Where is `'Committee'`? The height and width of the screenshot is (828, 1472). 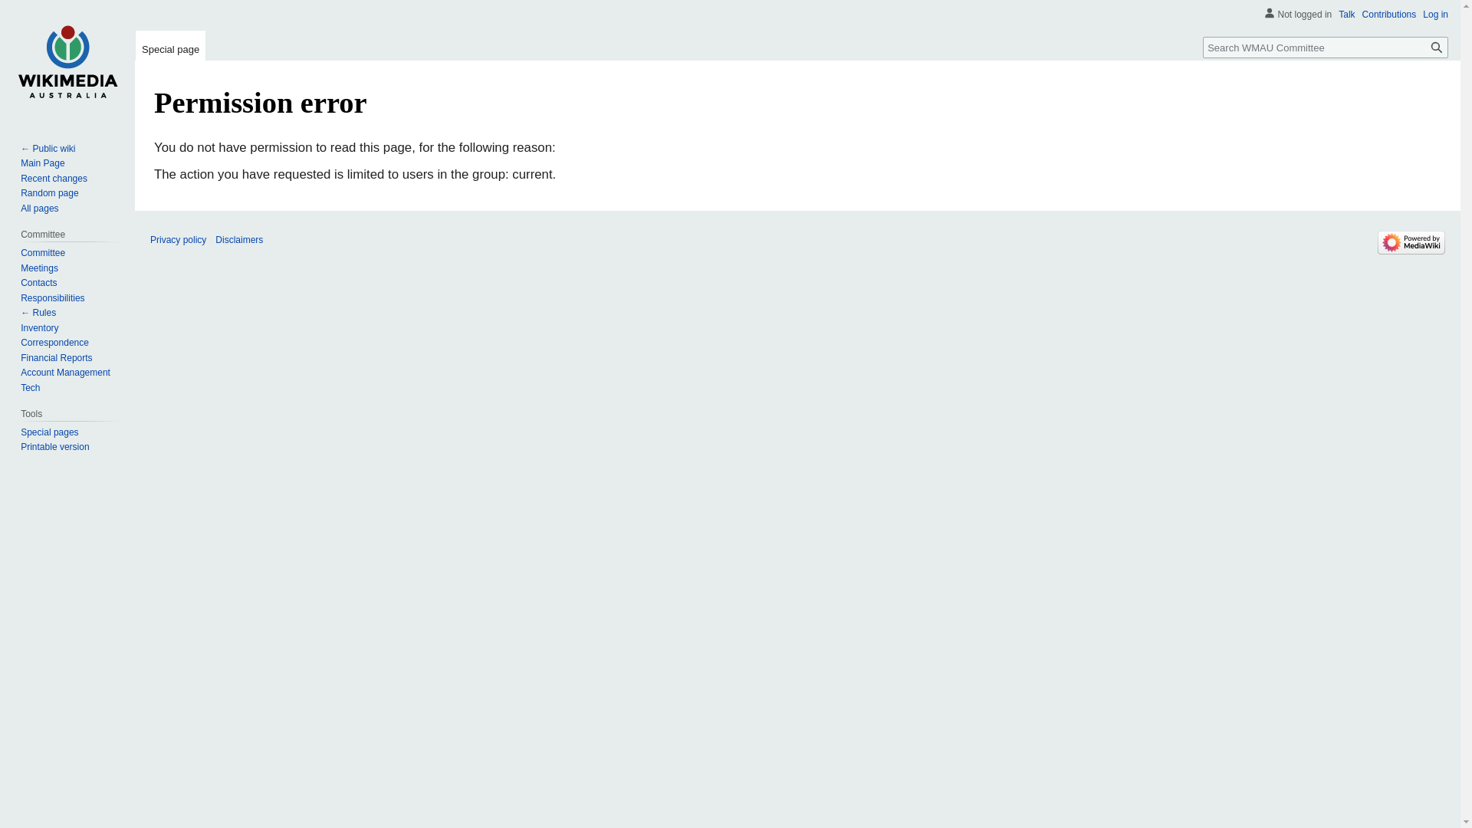 'Committee' is located at coordinates (43, 252).